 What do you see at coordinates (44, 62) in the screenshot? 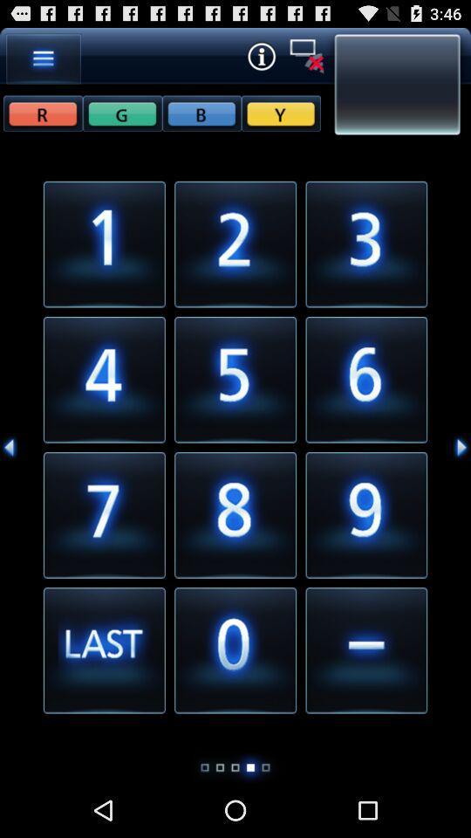
I see `the menu icon` at bounding box center [44, 62].